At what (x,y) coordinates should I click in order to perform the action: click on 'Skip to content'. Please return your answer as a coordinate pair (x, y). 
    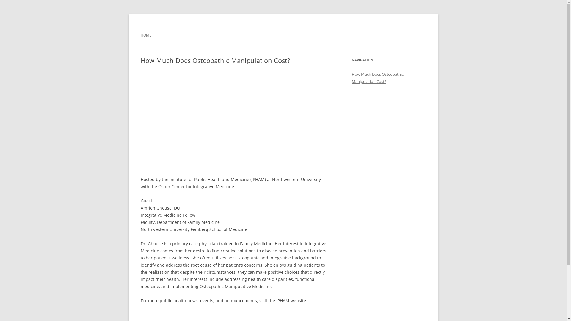
    Looking at the image, I should click on (283, 29).